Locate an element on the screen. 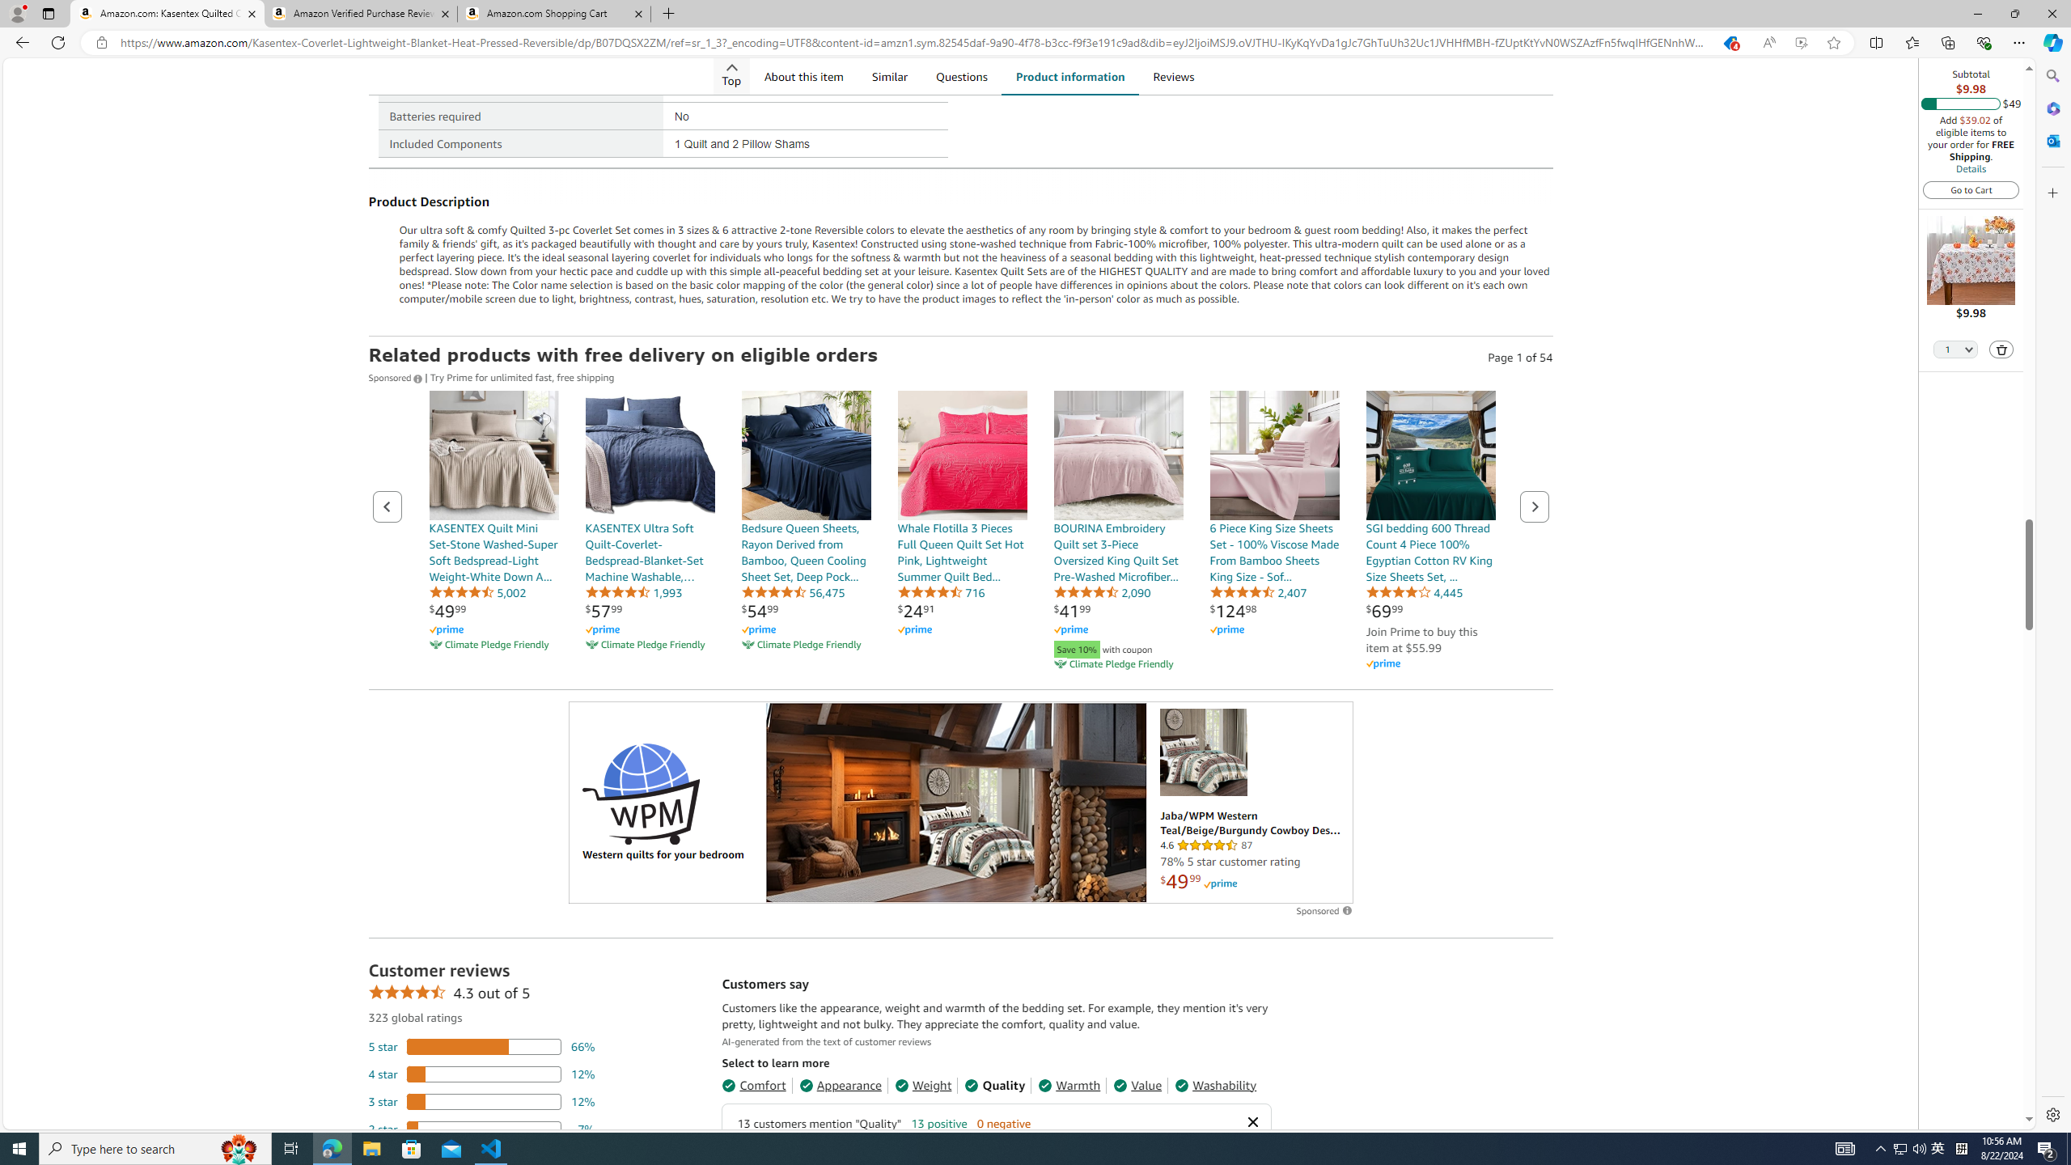 The width and height of the screenshot is (2071, 1165). '4,445' is located at coordinates (1414, 591).